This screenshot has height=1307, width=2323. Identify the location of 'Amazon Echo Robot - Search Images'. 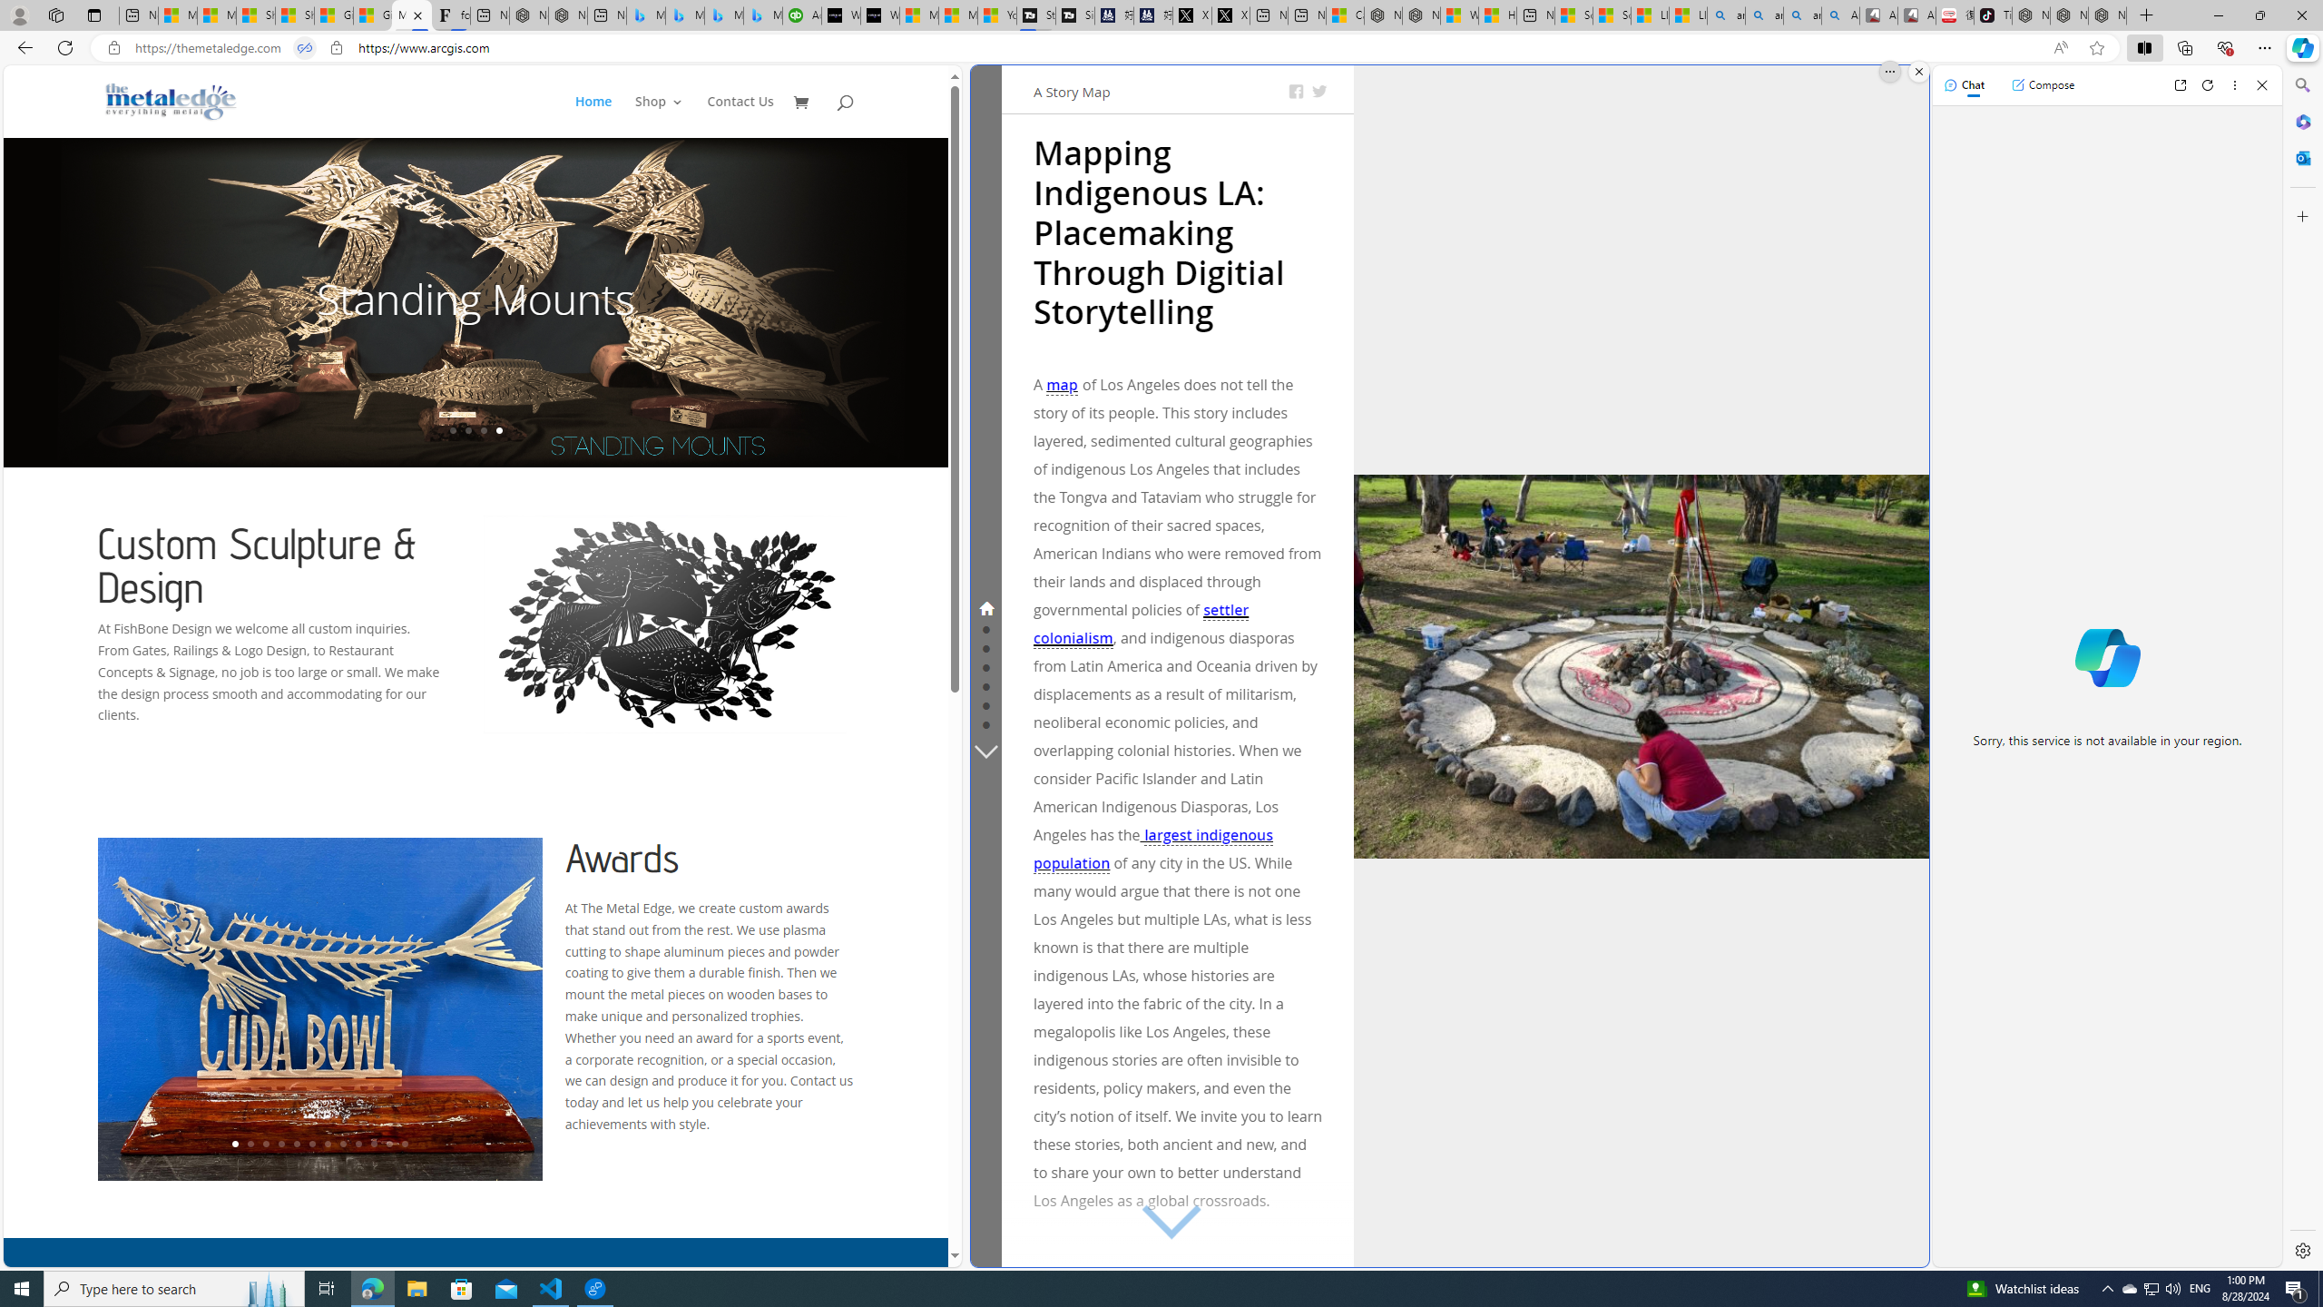
(1839, 15).